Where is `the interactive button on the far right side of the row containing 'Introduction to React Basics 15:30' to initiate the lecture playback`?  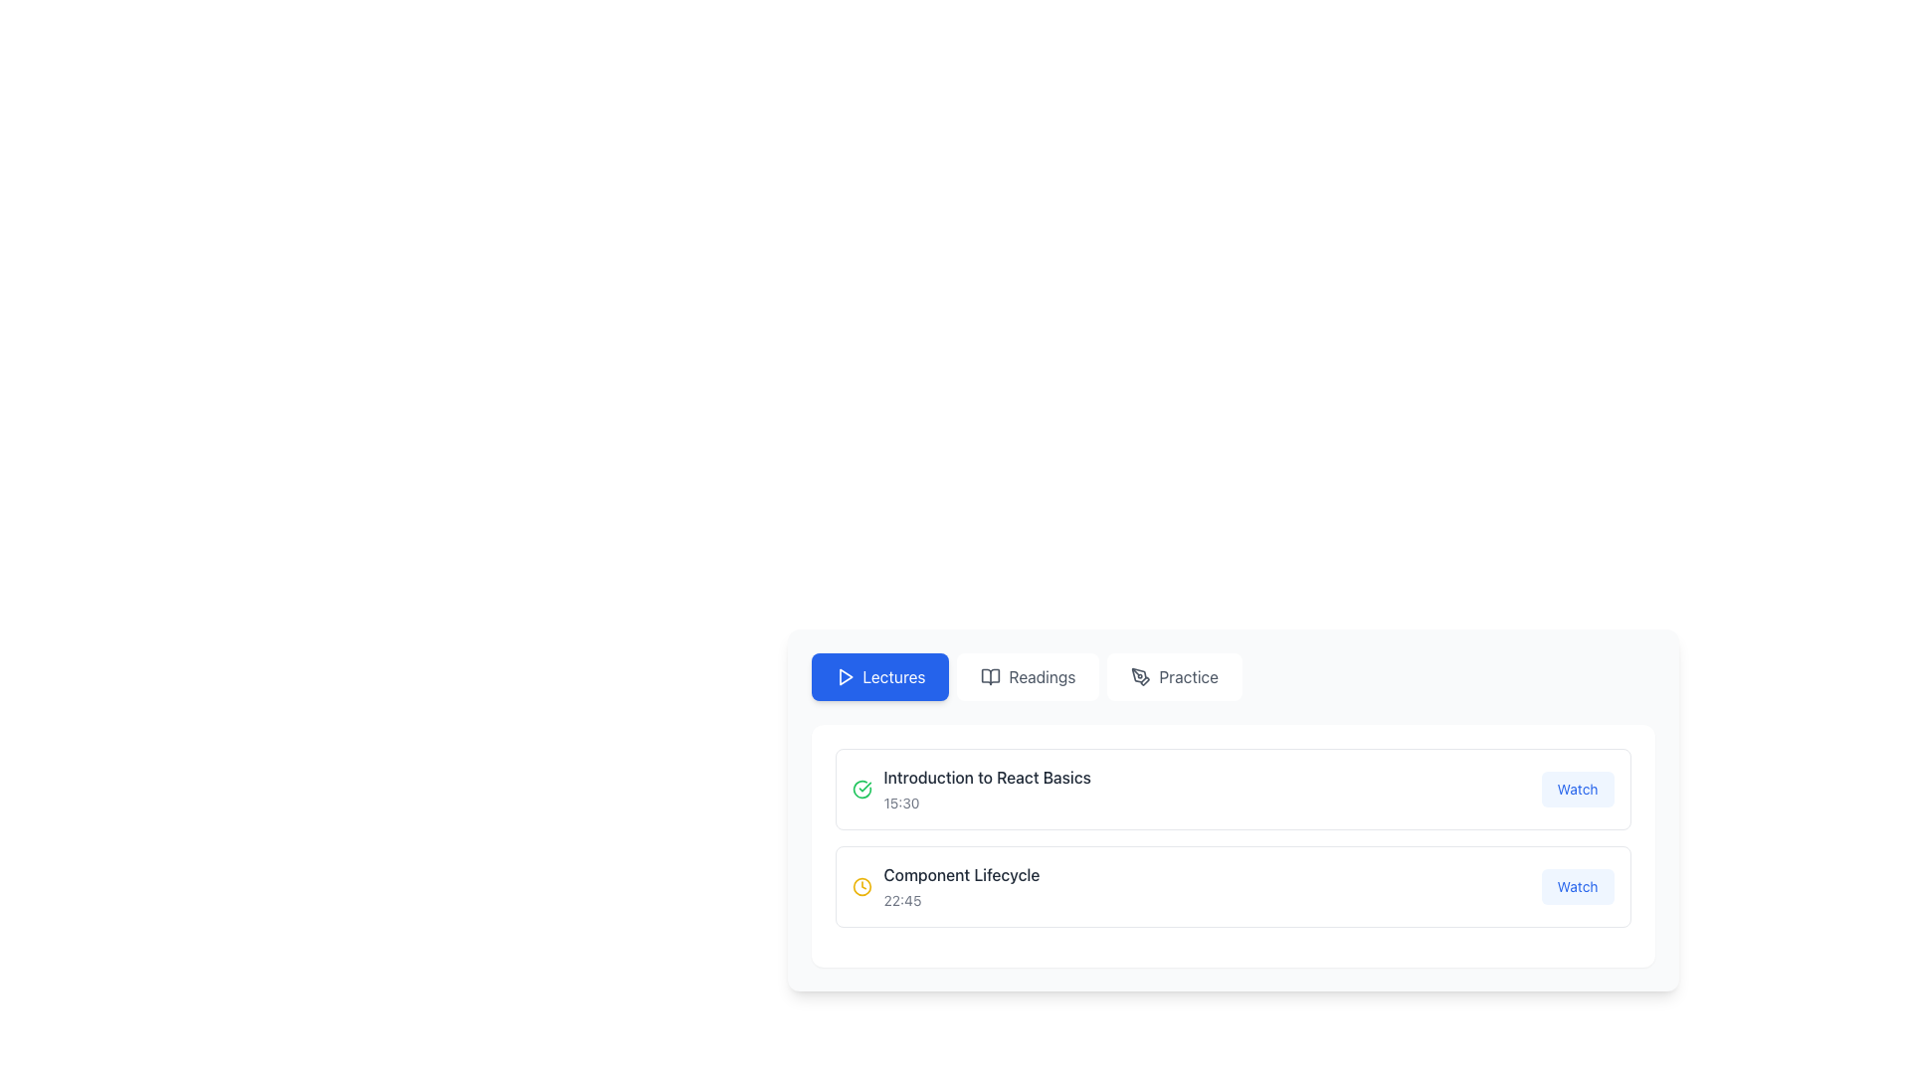 the interactive button on the far right side of the row containing 'Introduction to React Basics 15:30' to initiate the lecture playback is located at coordinates (1577, 789).